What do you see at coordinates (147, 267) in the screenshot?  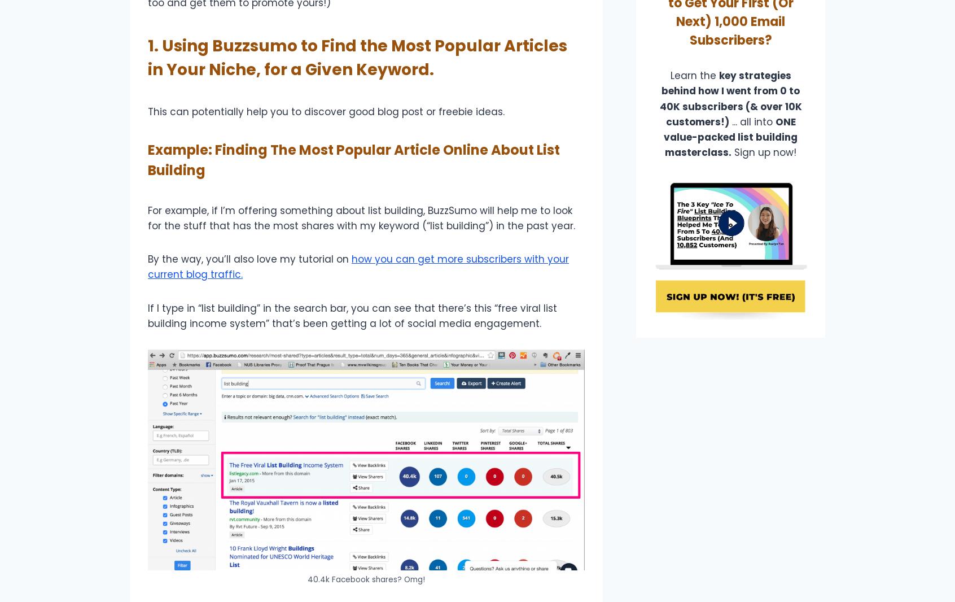 I see `'how you can get more subscribers with your current blog traffic.'` at bounding box center [147, 267].